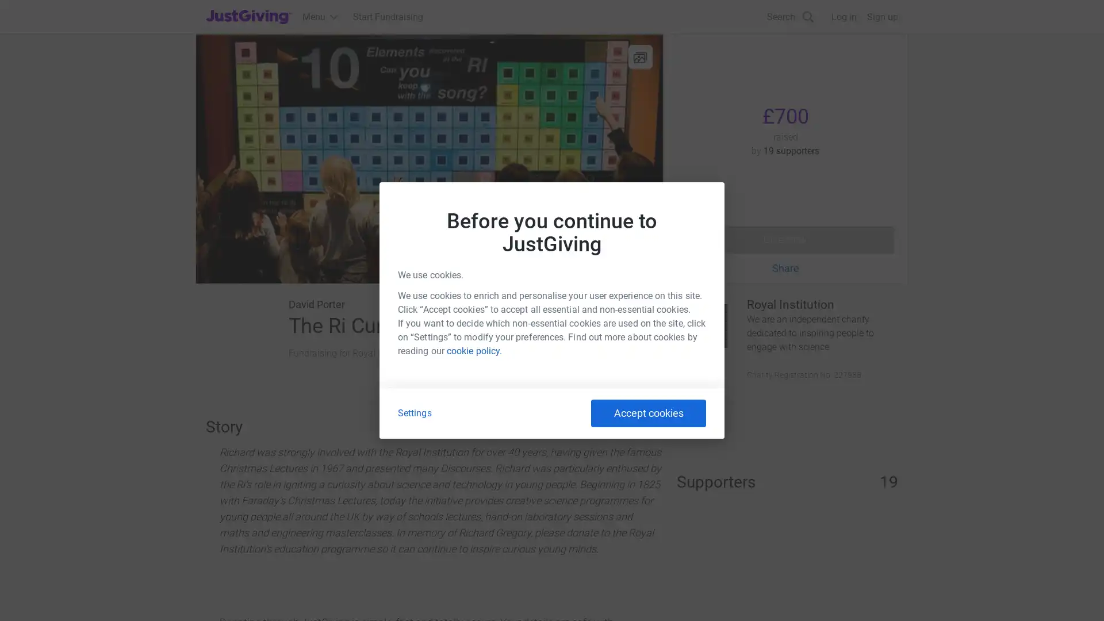  Describe the element at coordinates (639, 57) in the screenshot. I see `Open the Image Gallery` at that location.